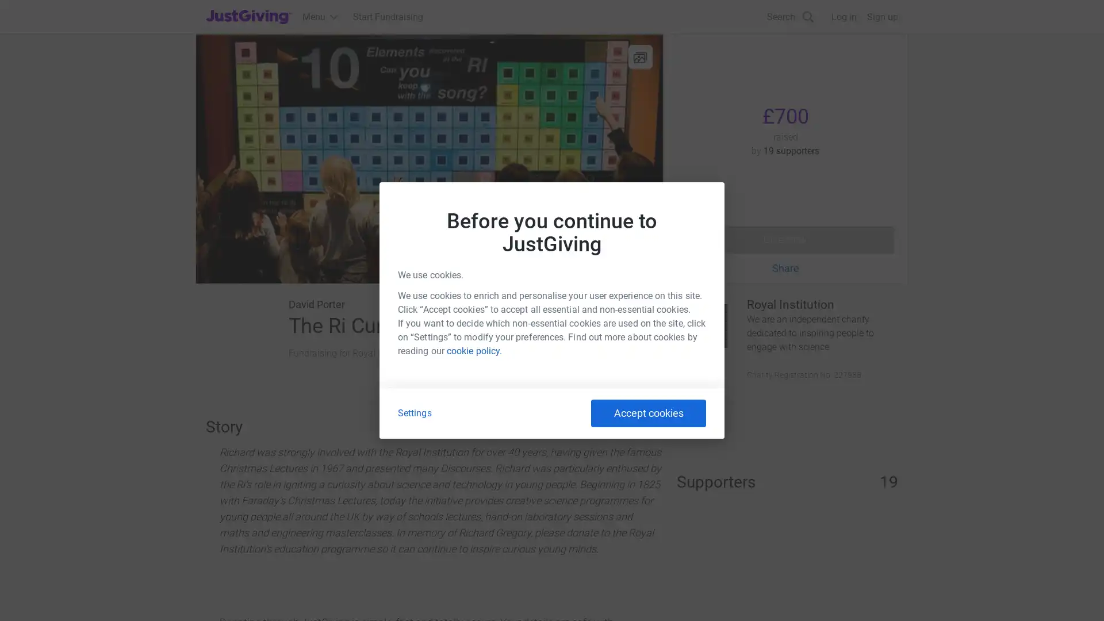  Describe the element at coordinates (639, 57) in the screenshot. I see `Open the Image Gallery` at that location.